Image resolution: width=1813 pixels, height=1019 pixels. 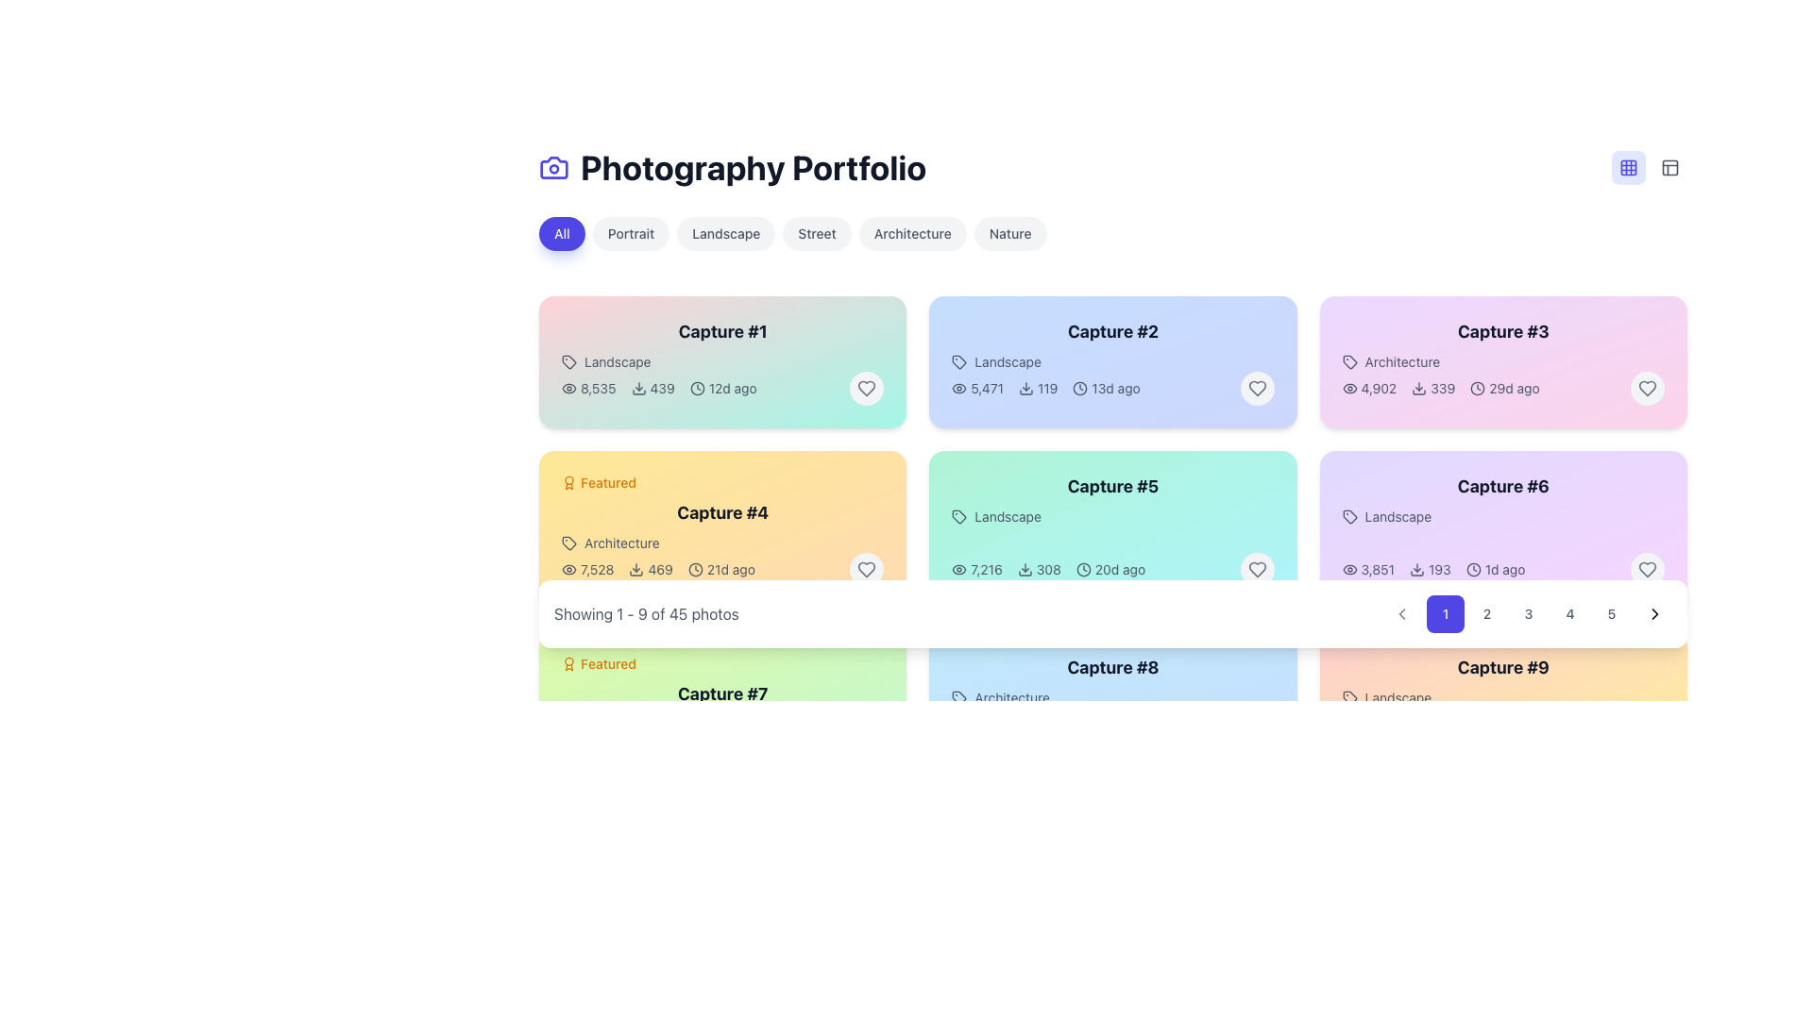 What do you see at coordinates (552, 166) in the screenshot?
I see `the blue camera icon located to the left of the 'Photography Portfolio' heading in the title section of the interface` at bounding box center [552, 166].